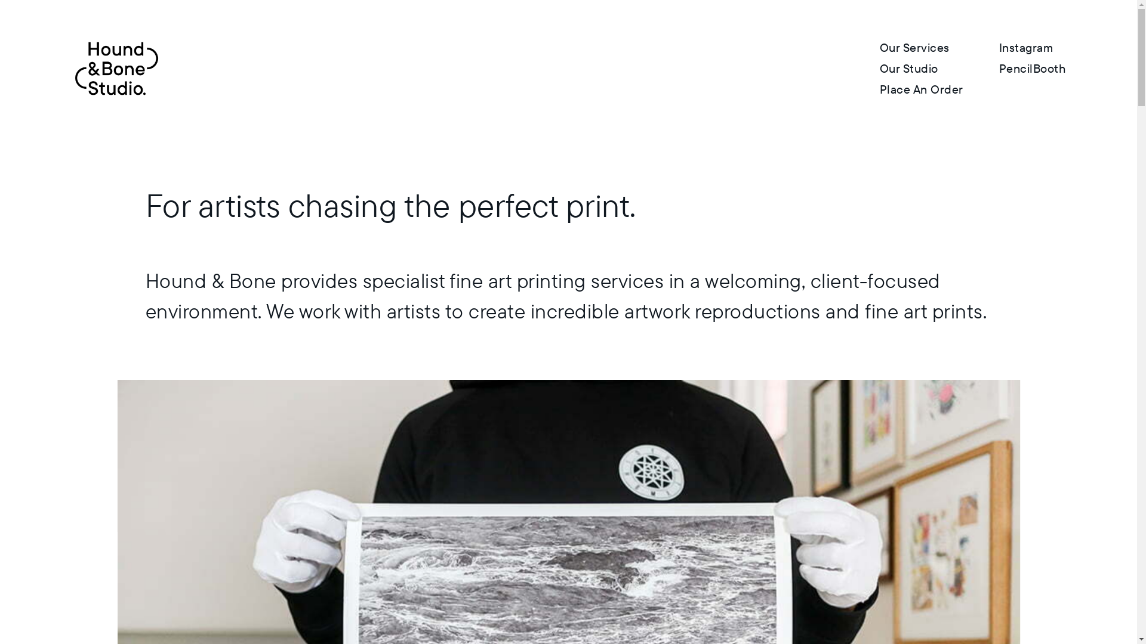 The height and width of the screenshot is (644, 1146). What do you see at coordinates (908, 69) in the screenshot?
I see `'Our Studio'` at bounding box center [908, 69].